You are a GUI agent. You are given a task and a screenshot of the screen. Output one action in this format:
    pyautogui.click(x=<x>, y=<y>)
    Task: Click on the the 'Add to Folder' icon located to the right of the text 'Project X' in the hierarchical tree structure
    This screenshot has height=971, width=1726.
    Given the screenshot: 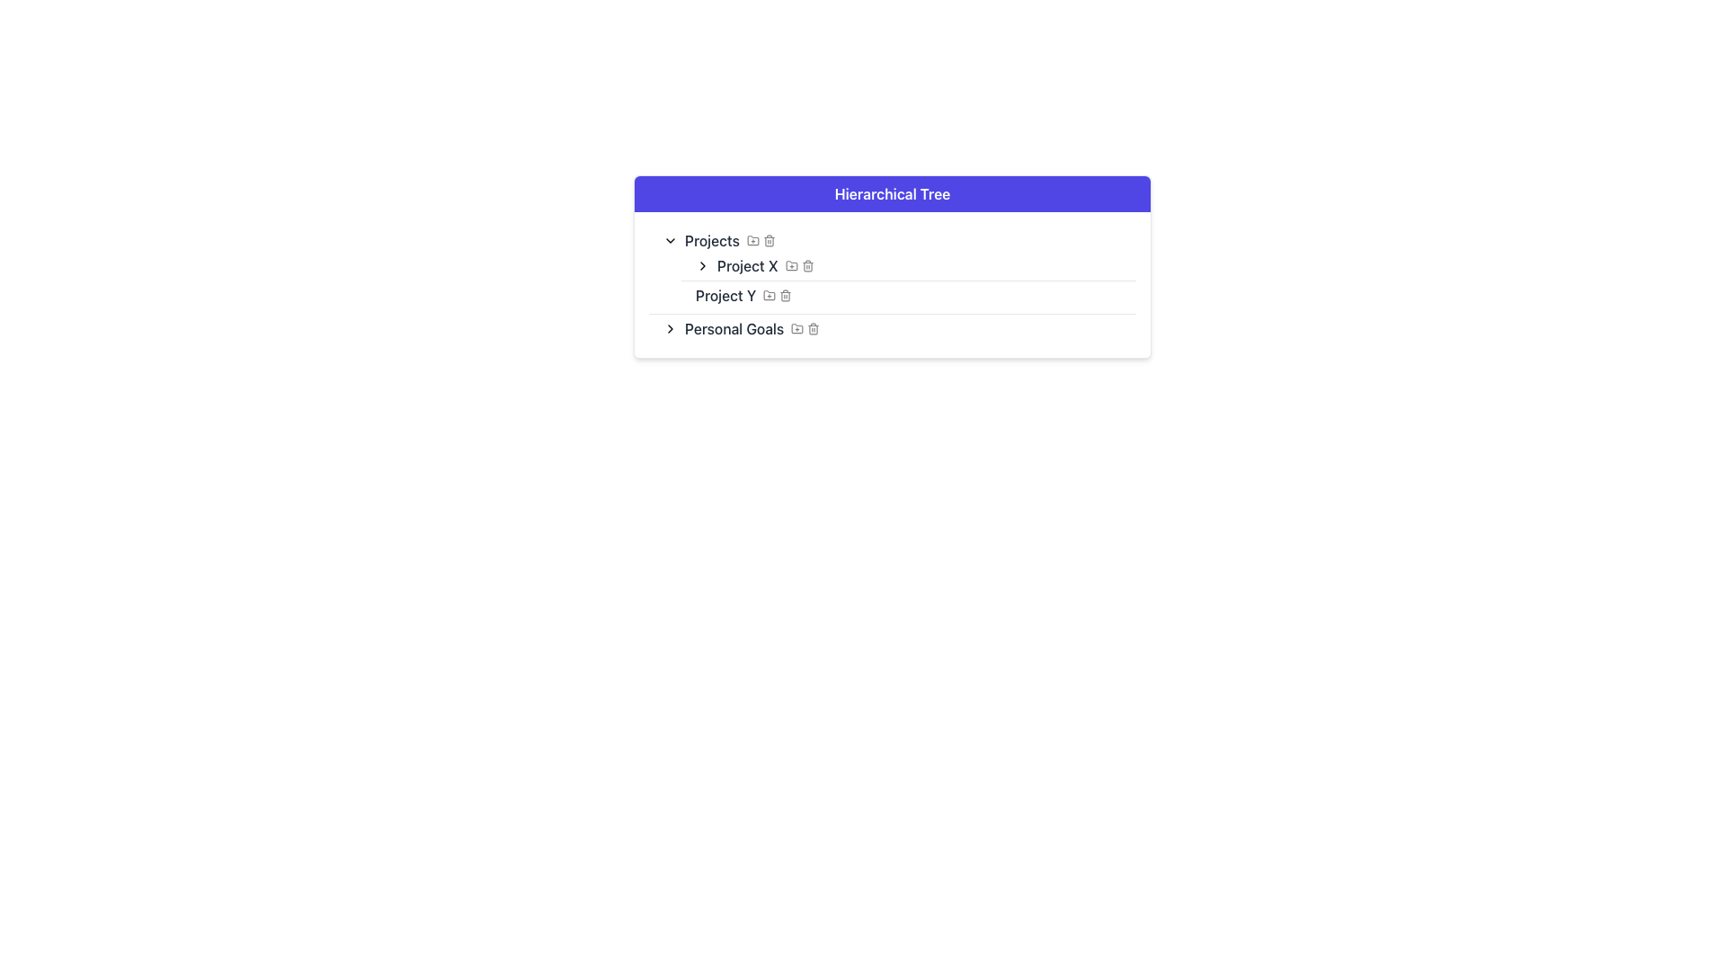 What is the action you would take?
    pyautogui.click(x=791, y=266)
    